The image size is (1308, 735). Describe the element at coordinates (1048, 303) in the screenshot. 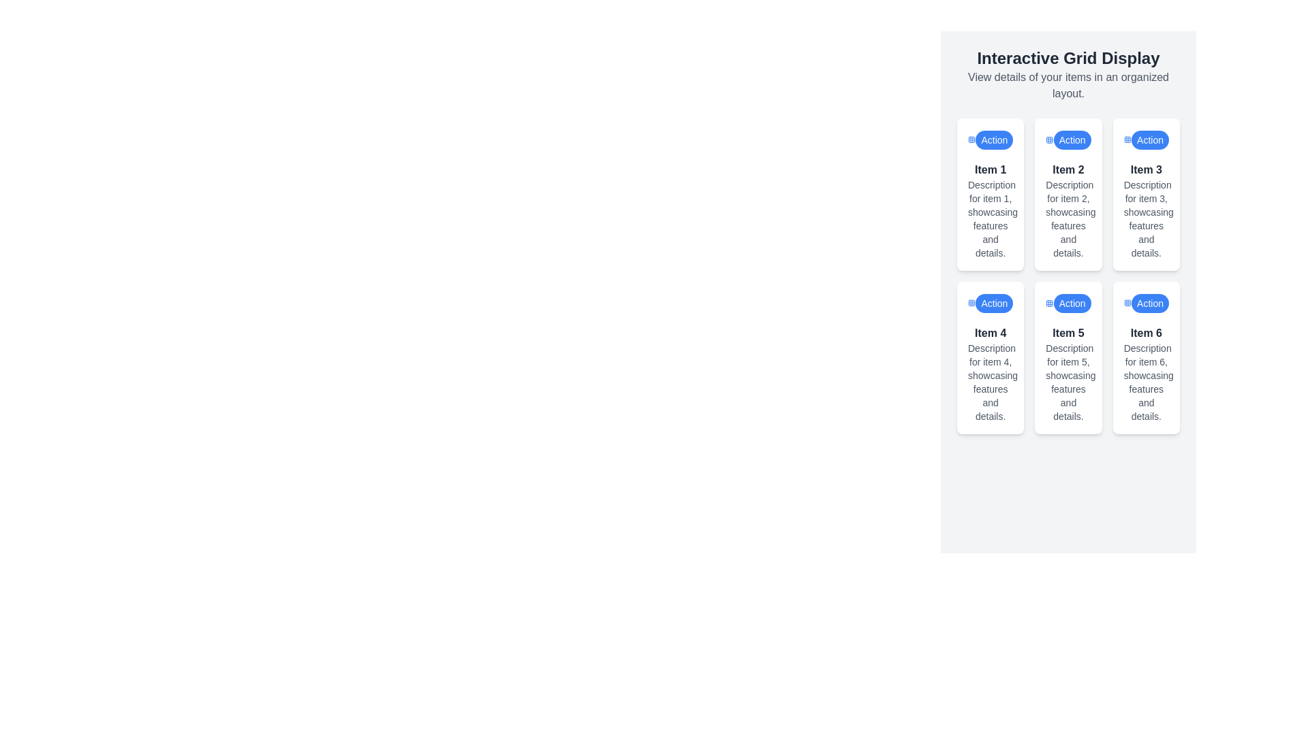

I see `the small square graphic with rounded corners that is part of a grid-like icon to the left of the 'Action' button in the fifth card of a 2x3 grid layout` at that location.